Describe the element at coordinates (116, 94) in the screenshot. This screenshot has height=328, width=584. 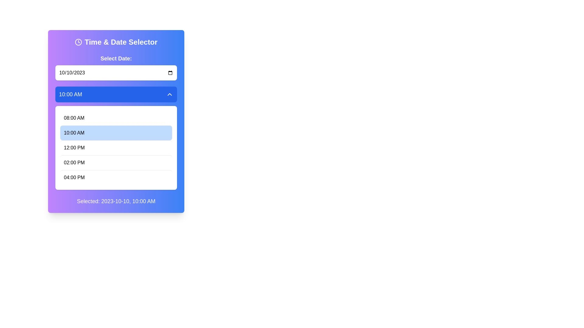
I see `the Dropdown toggle button labeled '10:00 AM' with a blue background` at that location.